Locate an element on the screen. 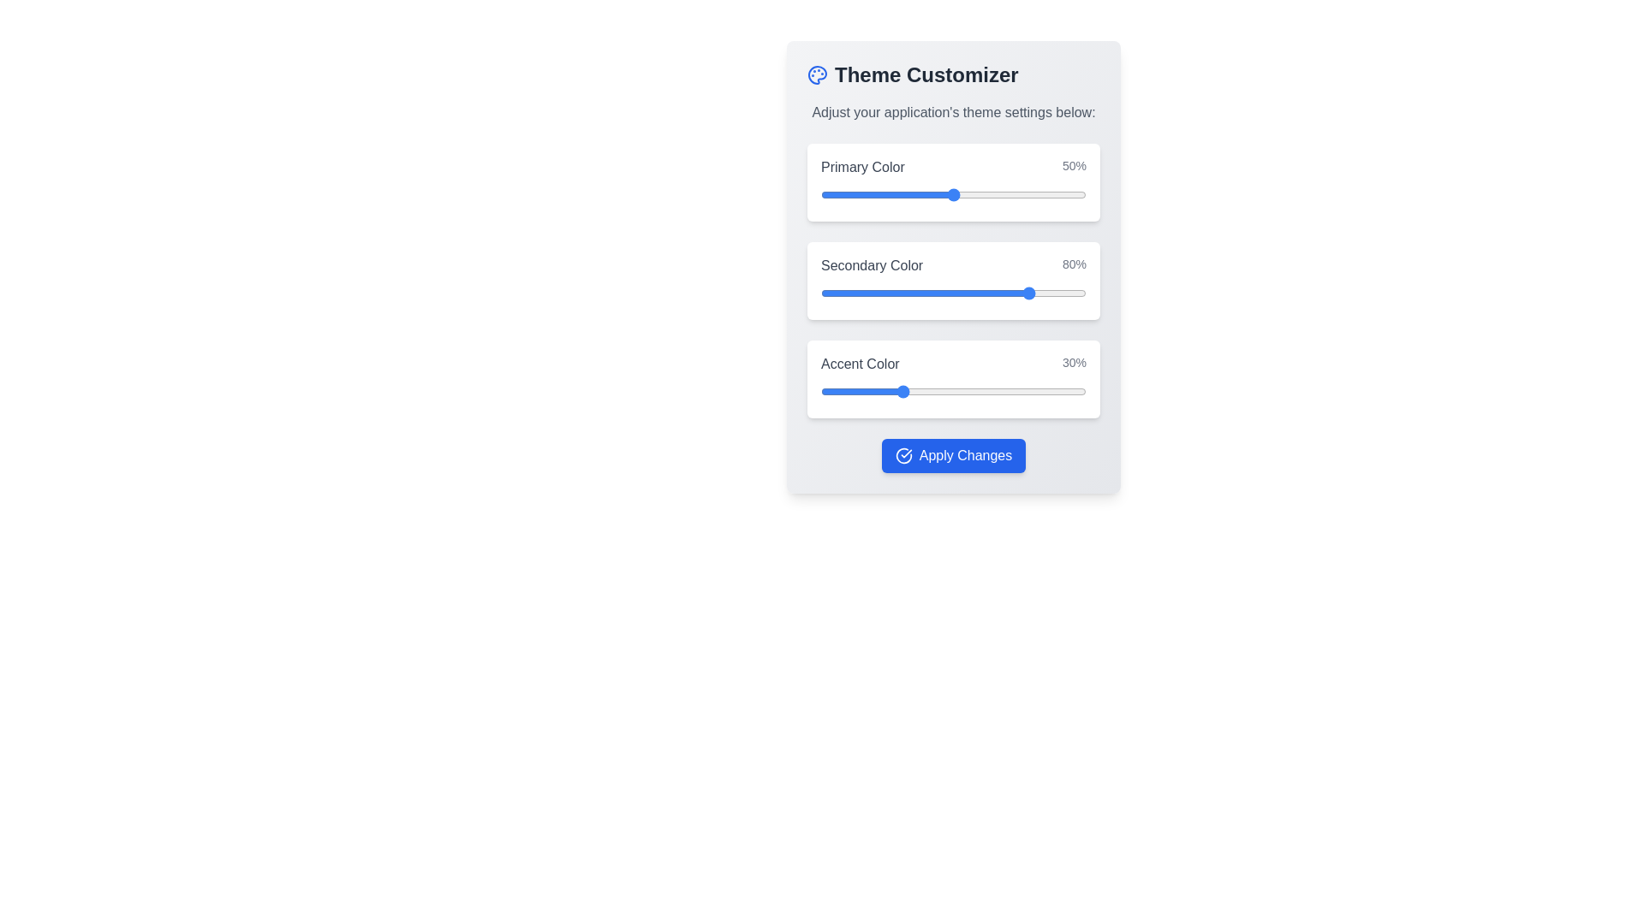  the slider is located at coordinates (996, 193).